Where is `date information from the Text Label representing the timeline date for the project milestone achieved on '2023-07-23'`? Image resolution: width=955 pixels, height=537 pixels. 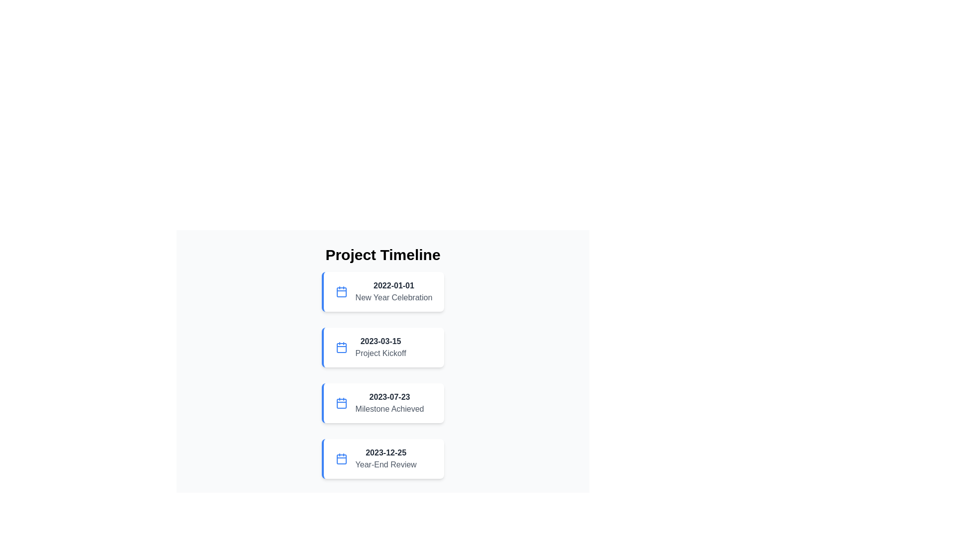
date information from the Text Label representing the timeline date for the project milestone achieved on '2023-07-23' is located at coordinates (389, 396).